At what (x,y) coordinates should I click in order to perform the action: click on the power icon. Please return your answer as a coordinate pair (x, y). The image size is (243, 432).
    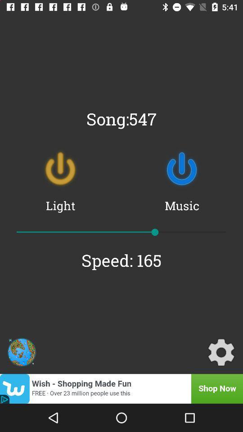
    Looking at the image, I should click on (60, 168).